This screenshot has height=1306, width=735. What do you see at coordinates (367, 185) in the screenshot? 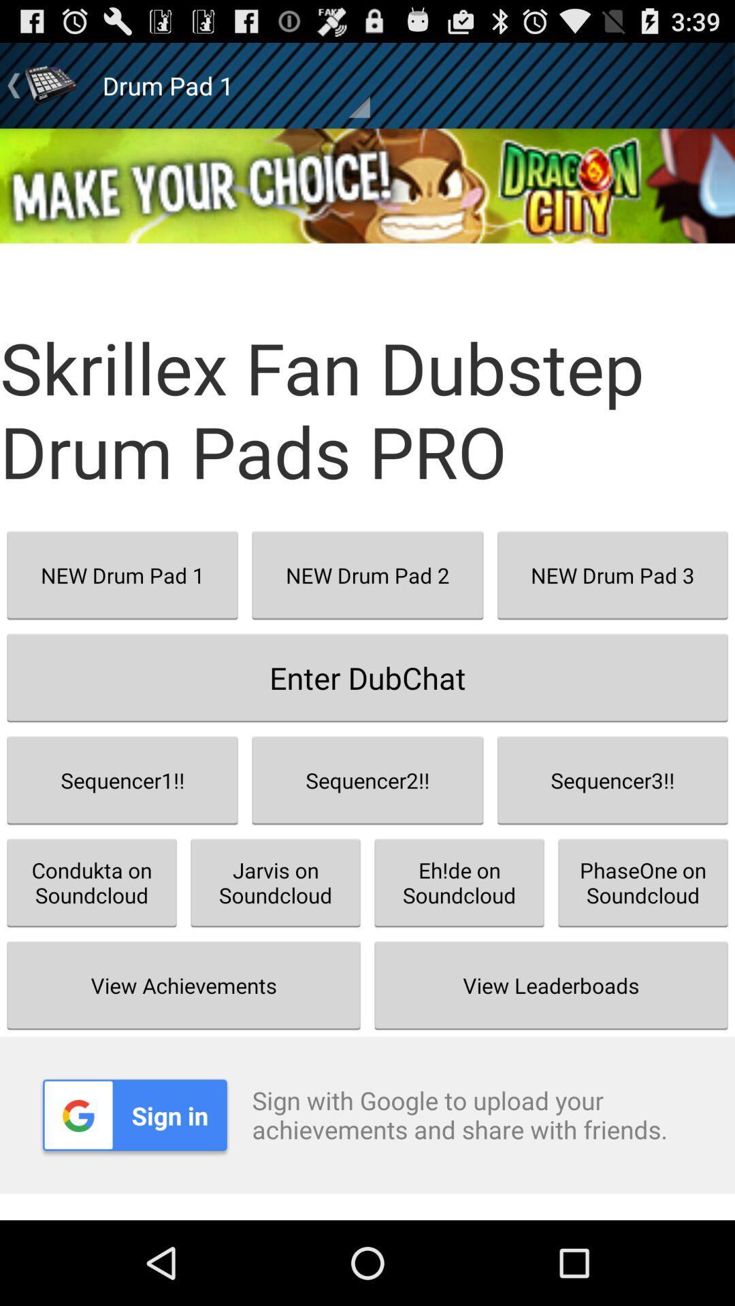
I see `tap to view` at bounding box center [367, 185].